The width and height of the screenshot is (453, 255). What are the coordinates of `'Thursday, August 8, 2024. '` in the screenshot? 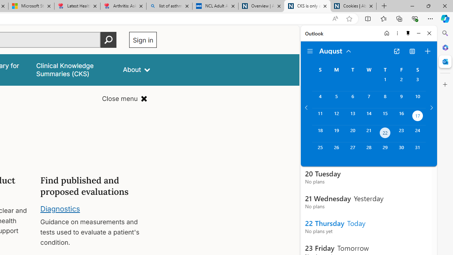 It's located at (385, 100).